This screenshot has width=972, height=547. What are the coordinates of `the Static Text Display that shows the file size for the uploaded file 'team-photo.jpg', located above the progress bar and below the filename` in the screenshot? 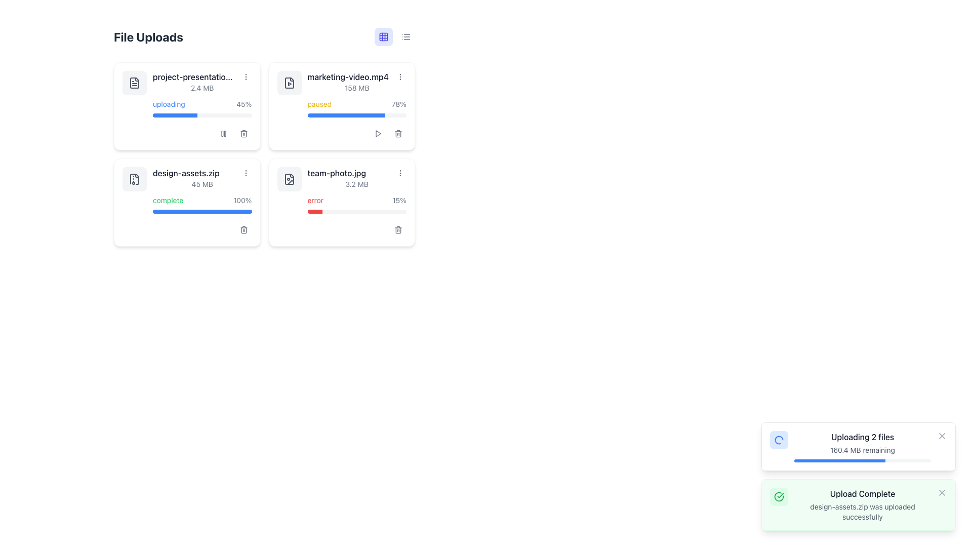 It's located at (357, 184).